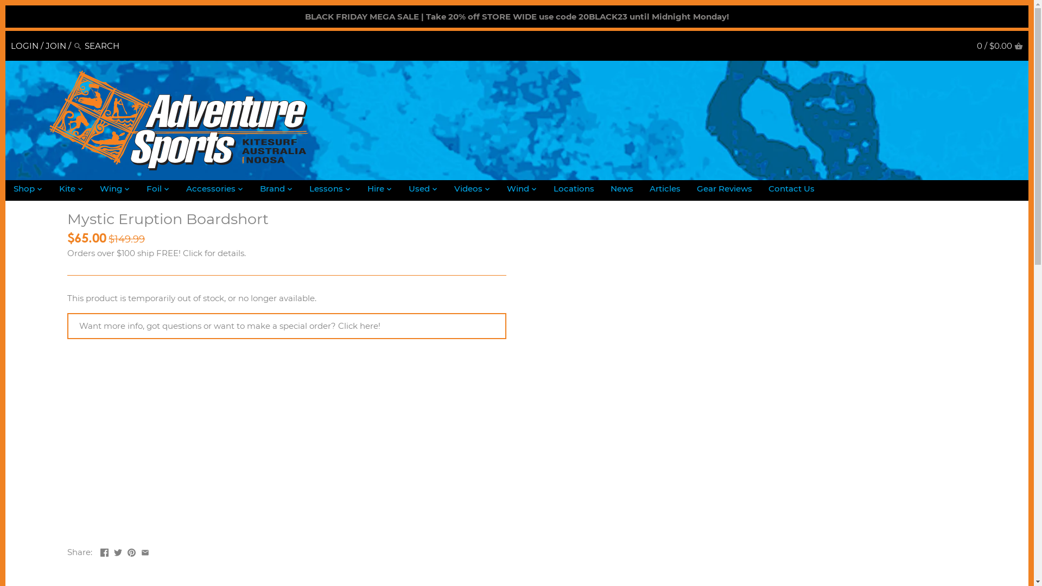 The image size is (1042, 586). What do you see at coordinates (131, 551) in the screenshot?
I see `'Pinterest'` at bounding box center [131, 551].